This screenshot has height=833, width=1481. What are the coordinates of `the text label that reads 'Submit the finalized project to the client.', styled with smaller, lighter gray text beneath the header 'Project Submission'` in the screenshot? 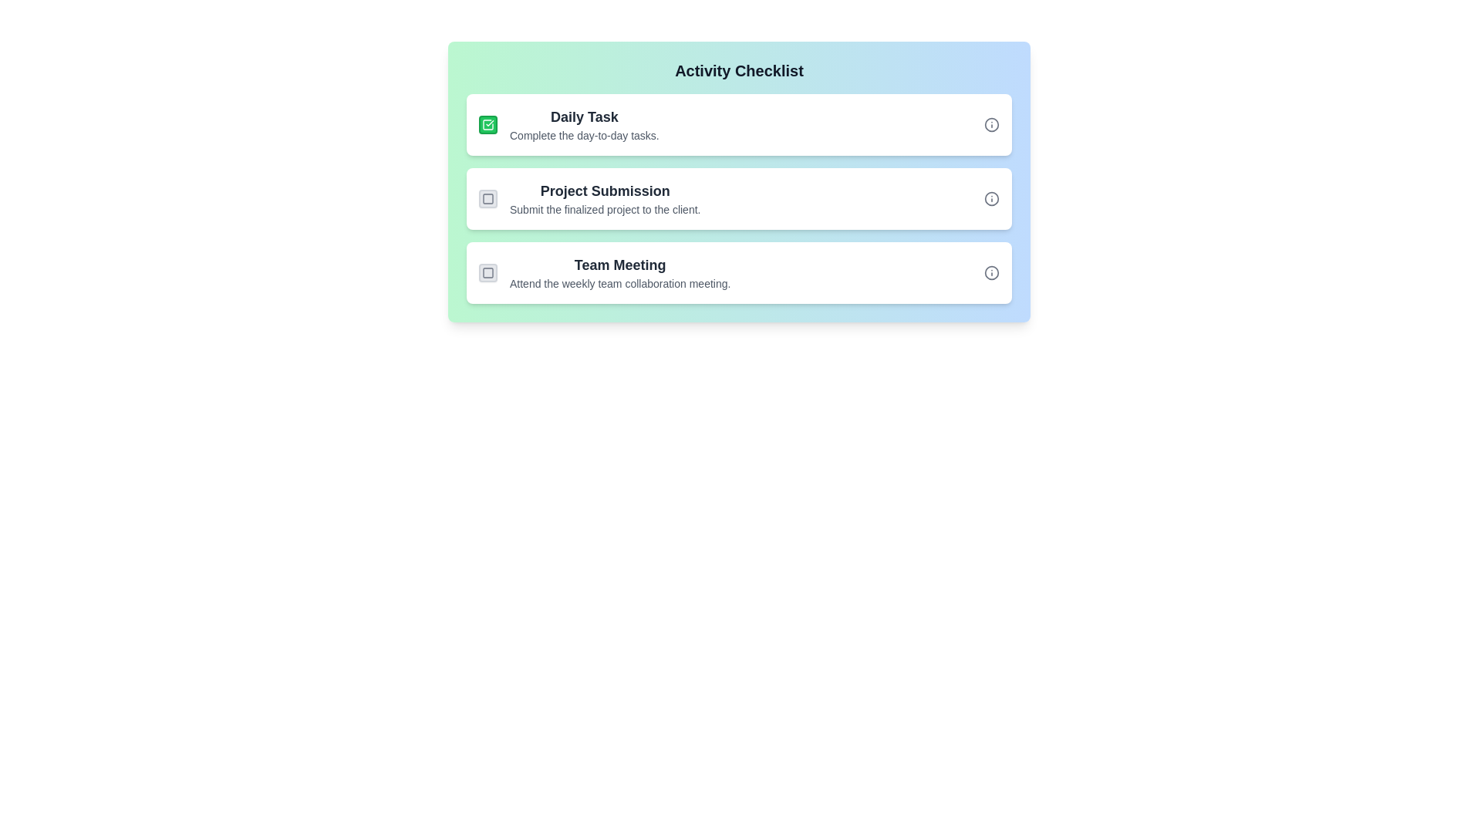 It's located at (604, 210).